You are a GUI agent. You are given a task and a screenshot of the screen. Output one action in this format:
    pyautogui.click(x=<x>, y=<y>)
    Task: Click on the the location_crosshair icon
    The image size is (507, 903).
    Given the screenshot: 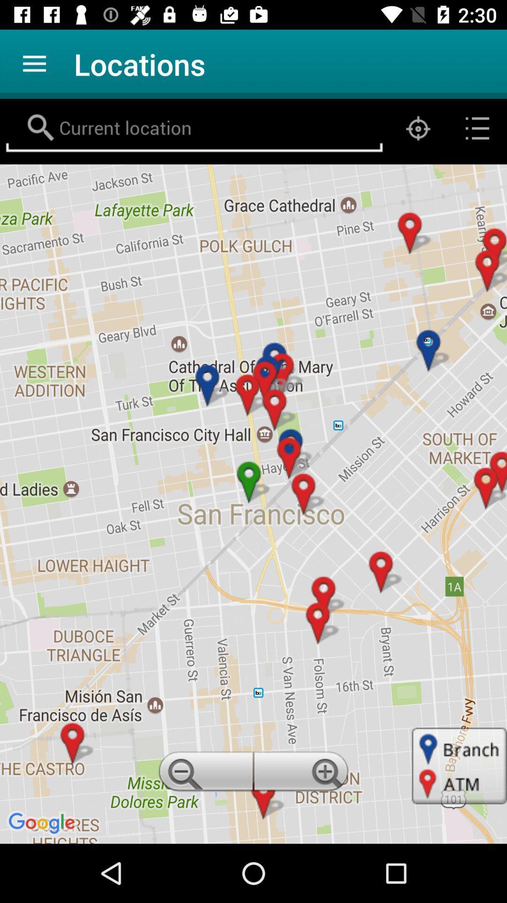 What is the action you would take?
    pyautogui.click(x=418, y=128)
    